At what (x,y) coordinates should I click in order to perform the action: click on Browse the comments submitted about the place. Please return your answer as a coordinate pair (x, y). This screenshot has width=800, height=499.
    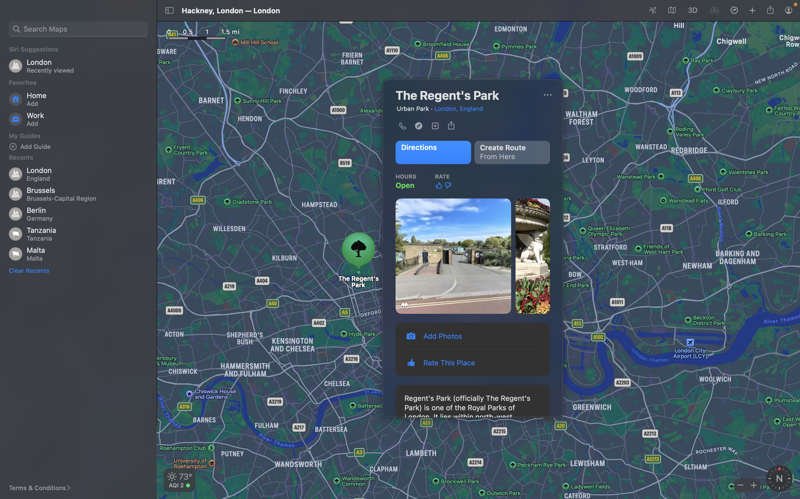
    Looking at the image, I should click on (1362000, 465816).